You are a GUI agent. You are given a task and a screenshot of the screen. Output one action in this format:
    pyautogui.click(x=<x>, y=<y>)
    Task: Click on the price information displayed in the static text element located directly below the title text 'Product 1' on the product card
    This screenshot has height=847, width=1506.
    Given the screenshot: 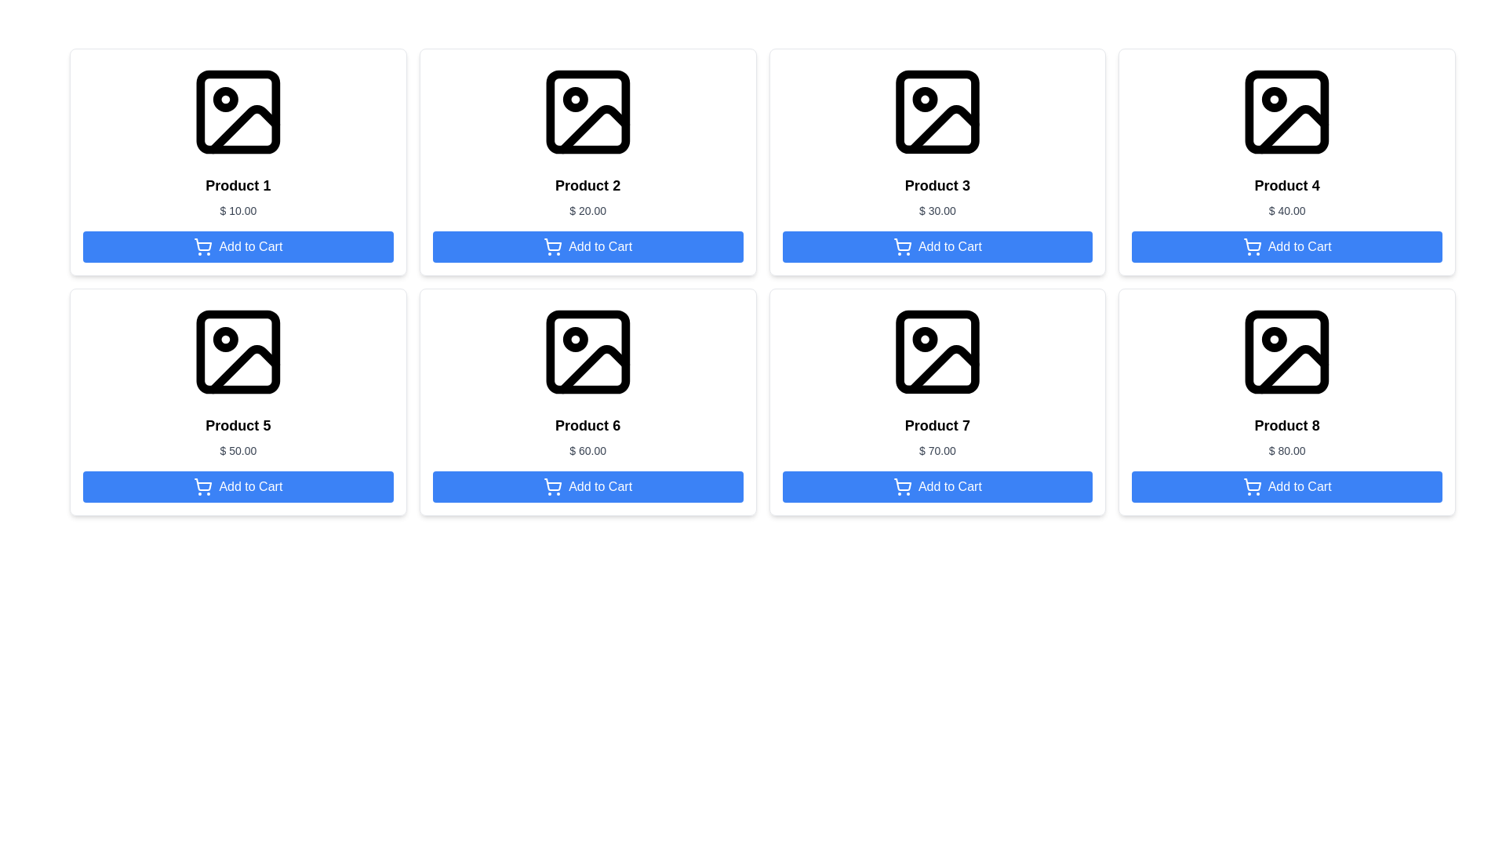 What is the action you would take?
    pyautogui.click(x=237, y=210)
    